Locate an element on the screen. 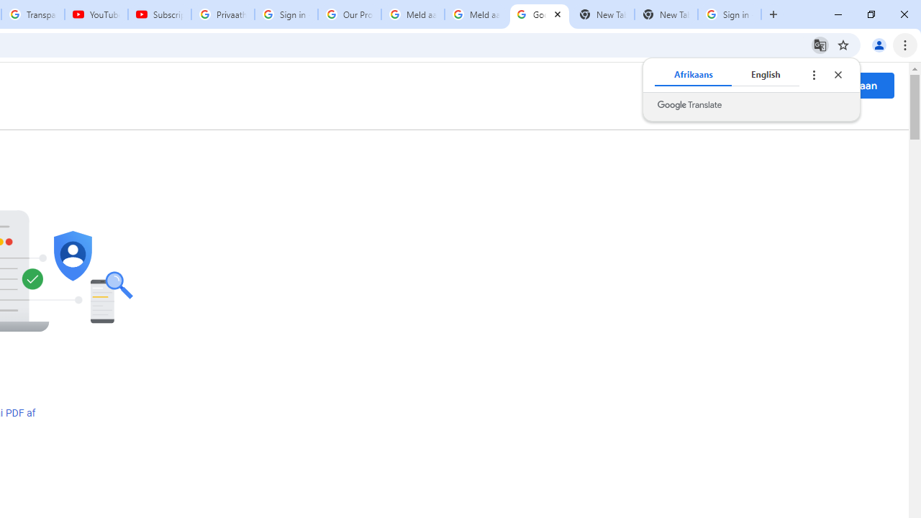 The width and height of the screenshot is (921, 518). 'Translate options' is located at coordinates (813, 75).